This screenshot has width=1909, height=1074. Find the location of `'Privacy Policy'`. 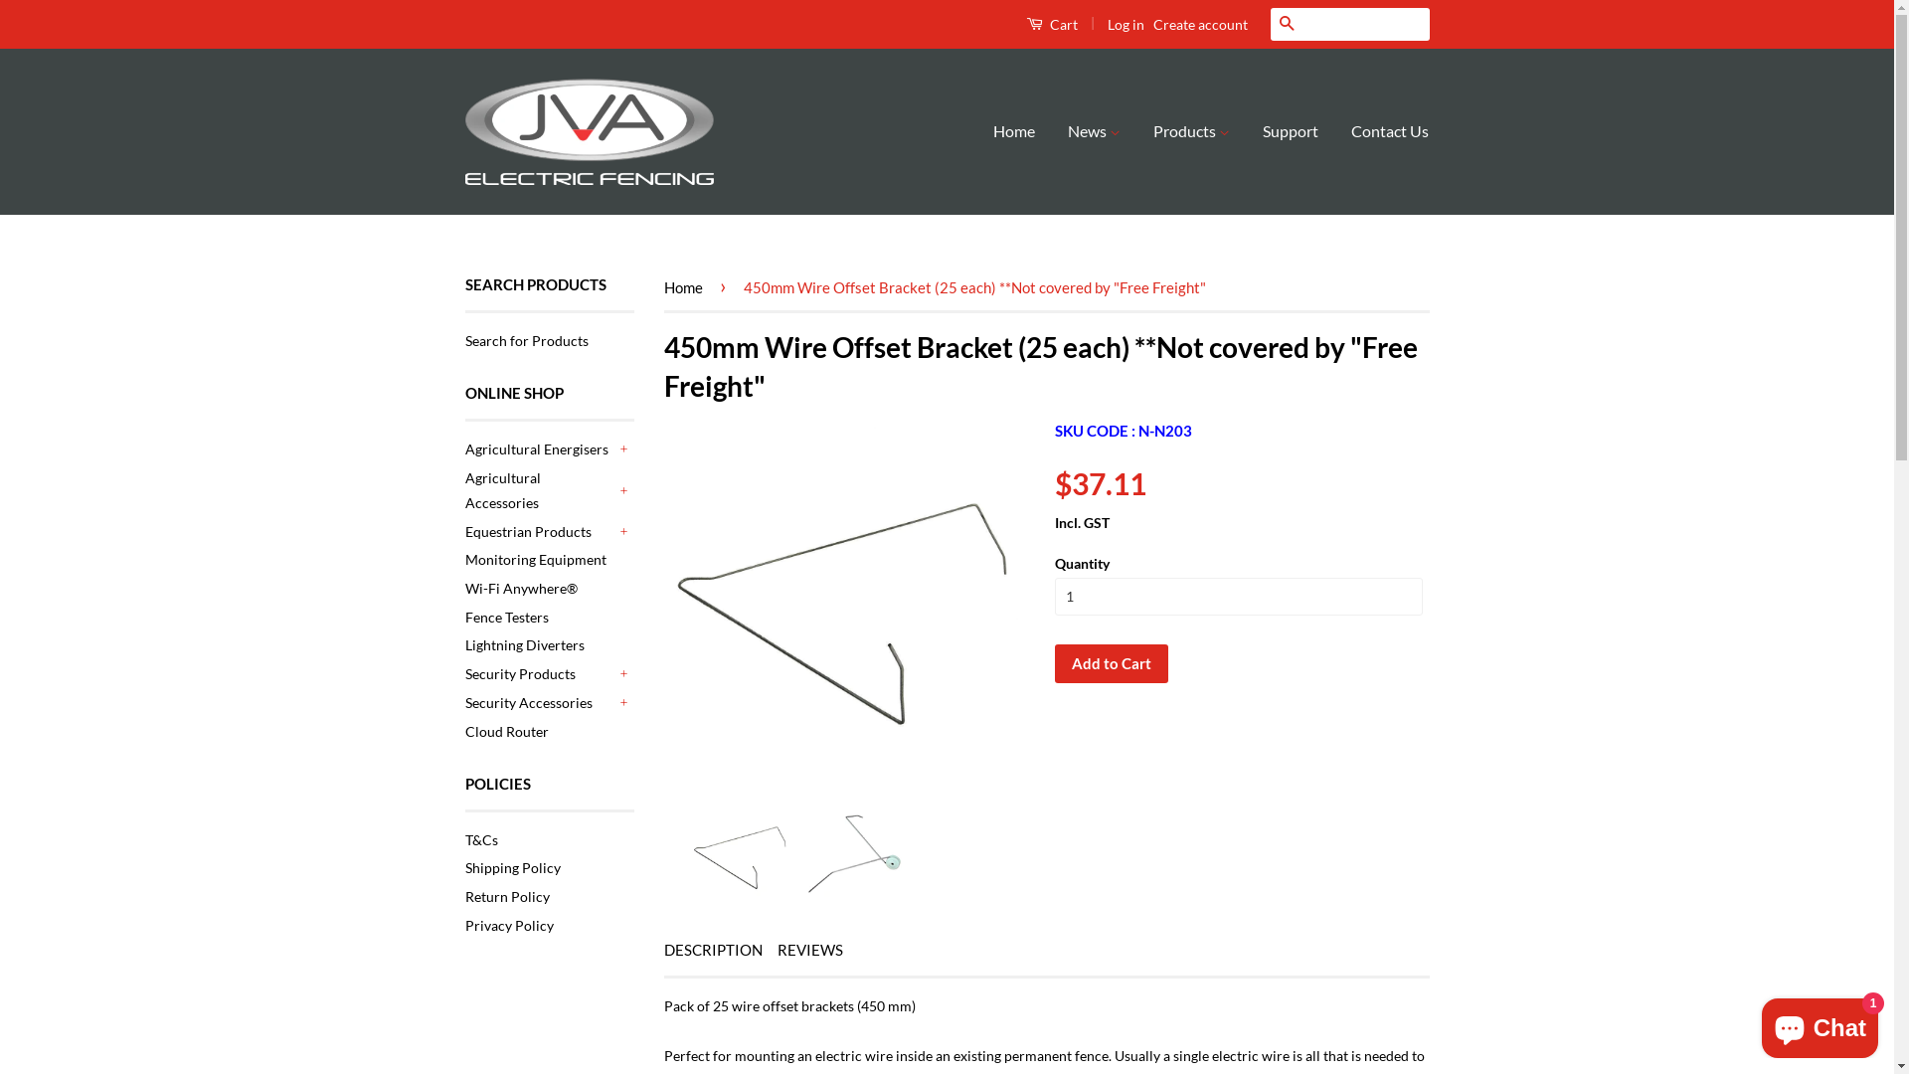

'Privacy Policy' is located at coordinates (463, 925).